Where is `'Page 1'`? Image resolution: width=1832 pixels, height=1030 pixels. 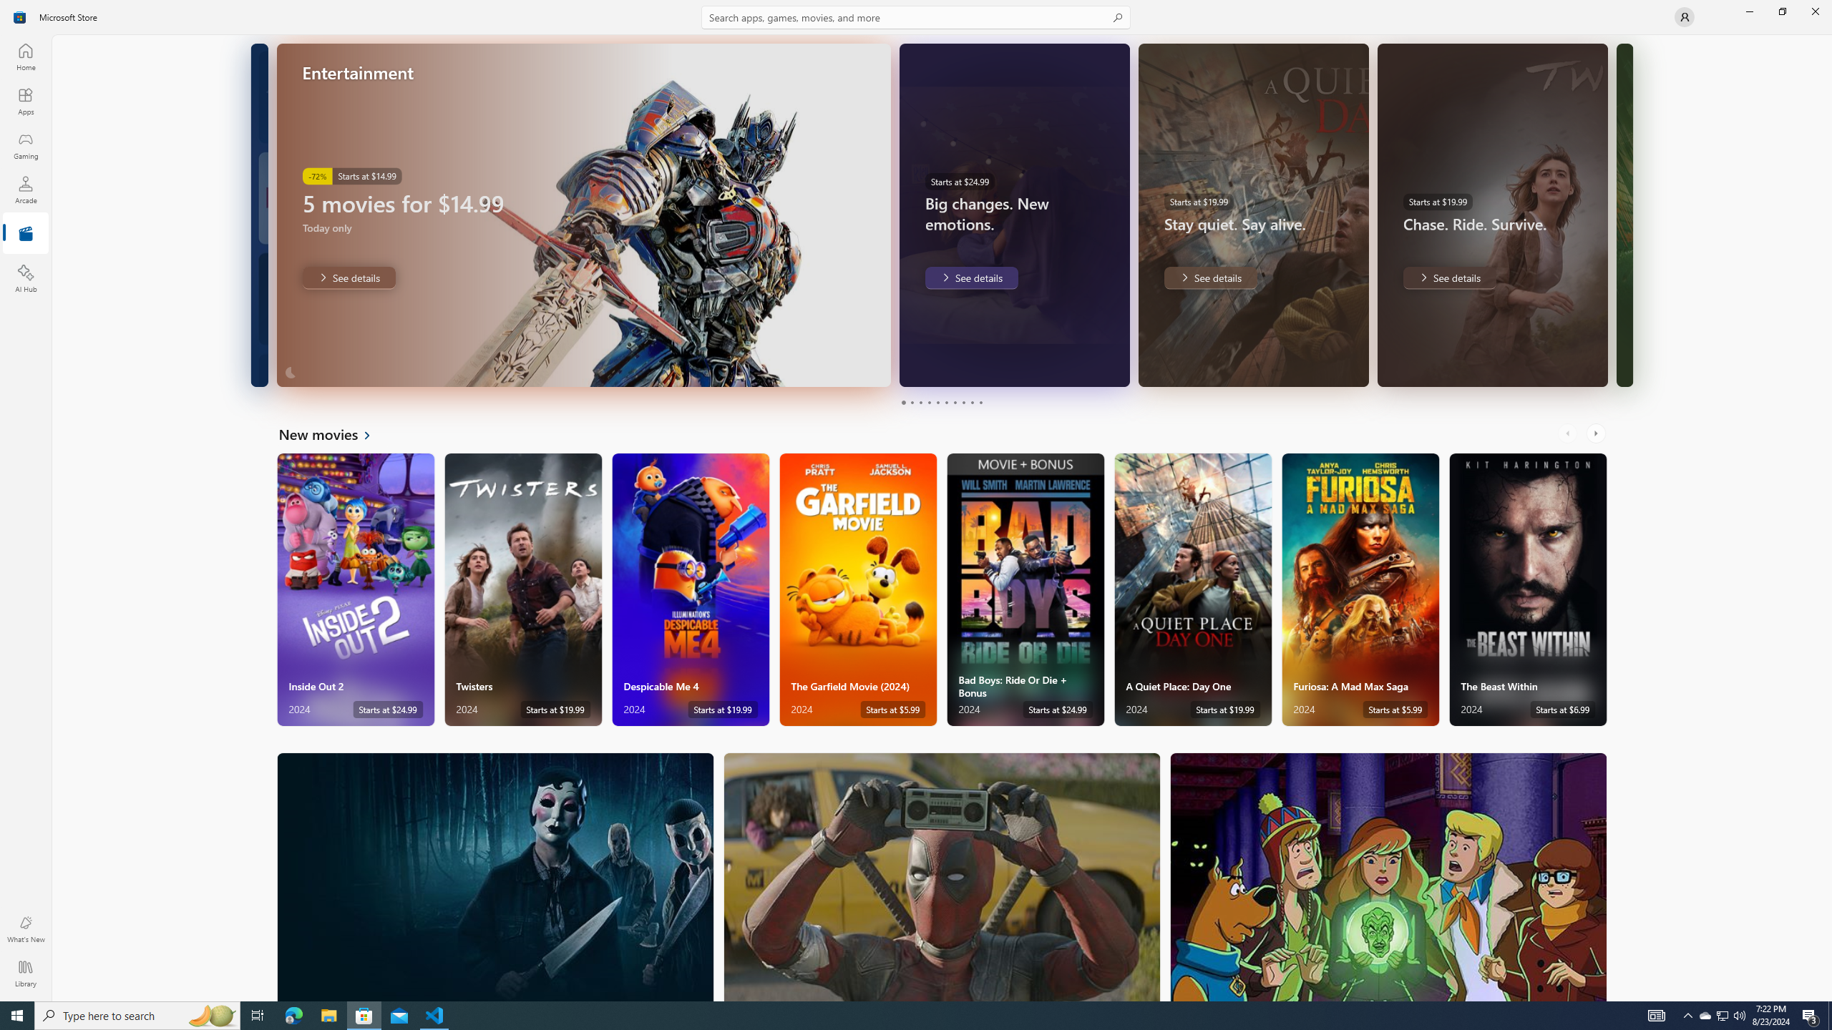
'Page 1' is located at coordinates (902, 402).